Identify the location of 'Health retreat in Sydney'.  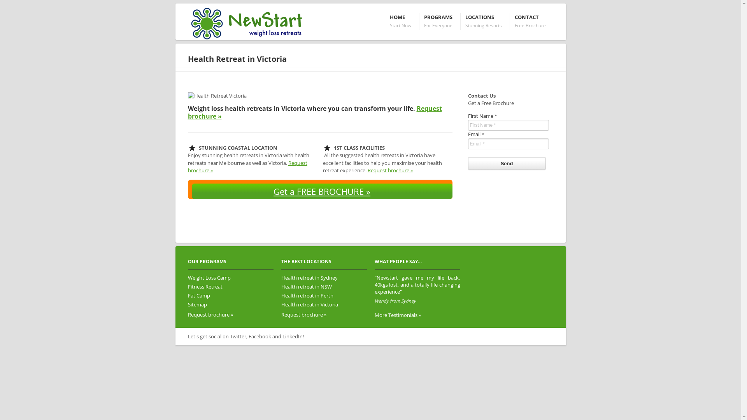
(309, 277).